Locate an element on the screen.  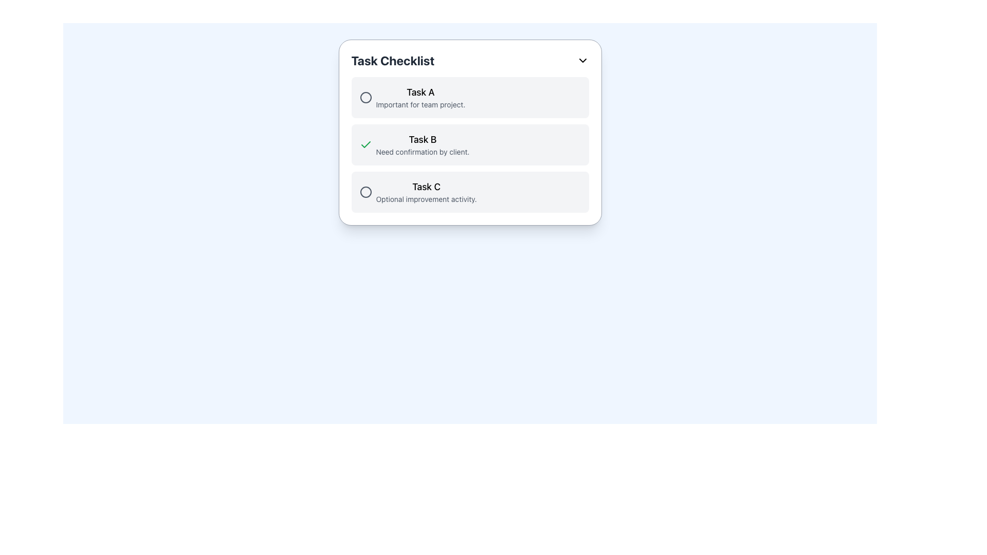
the text and description component is located at coordinates (418, 192).